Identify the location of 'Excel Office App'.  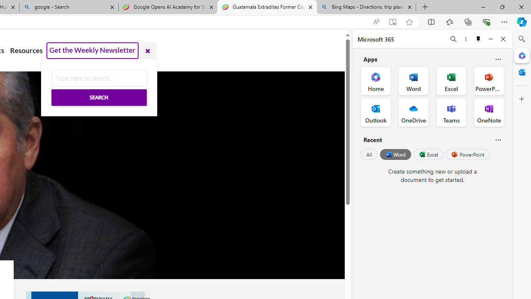
(451, 81).